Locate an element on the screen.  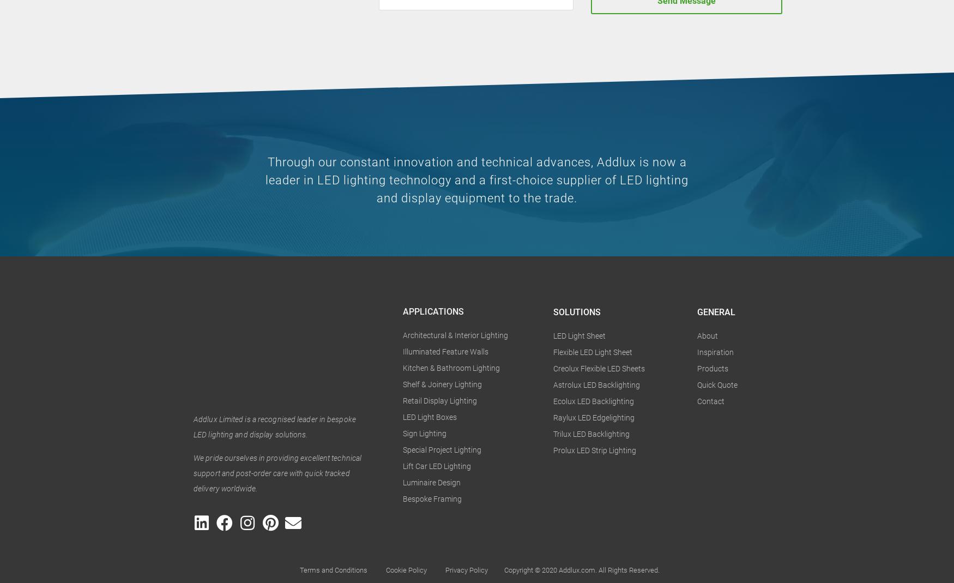
'Inspiration' is located at coordinates (714, 351).